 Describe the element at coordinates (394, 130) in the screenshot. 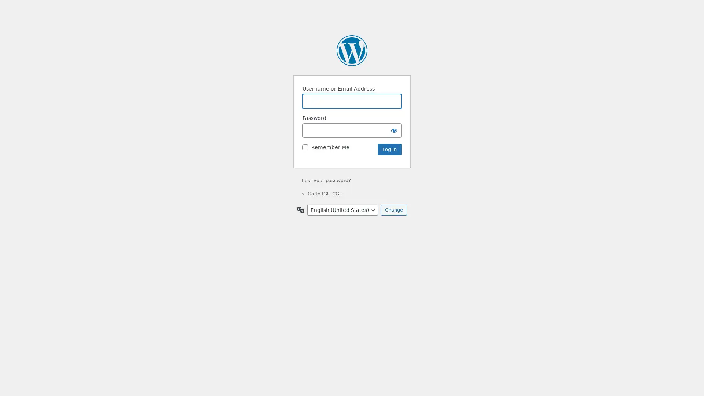

I see `Show password` at that location.